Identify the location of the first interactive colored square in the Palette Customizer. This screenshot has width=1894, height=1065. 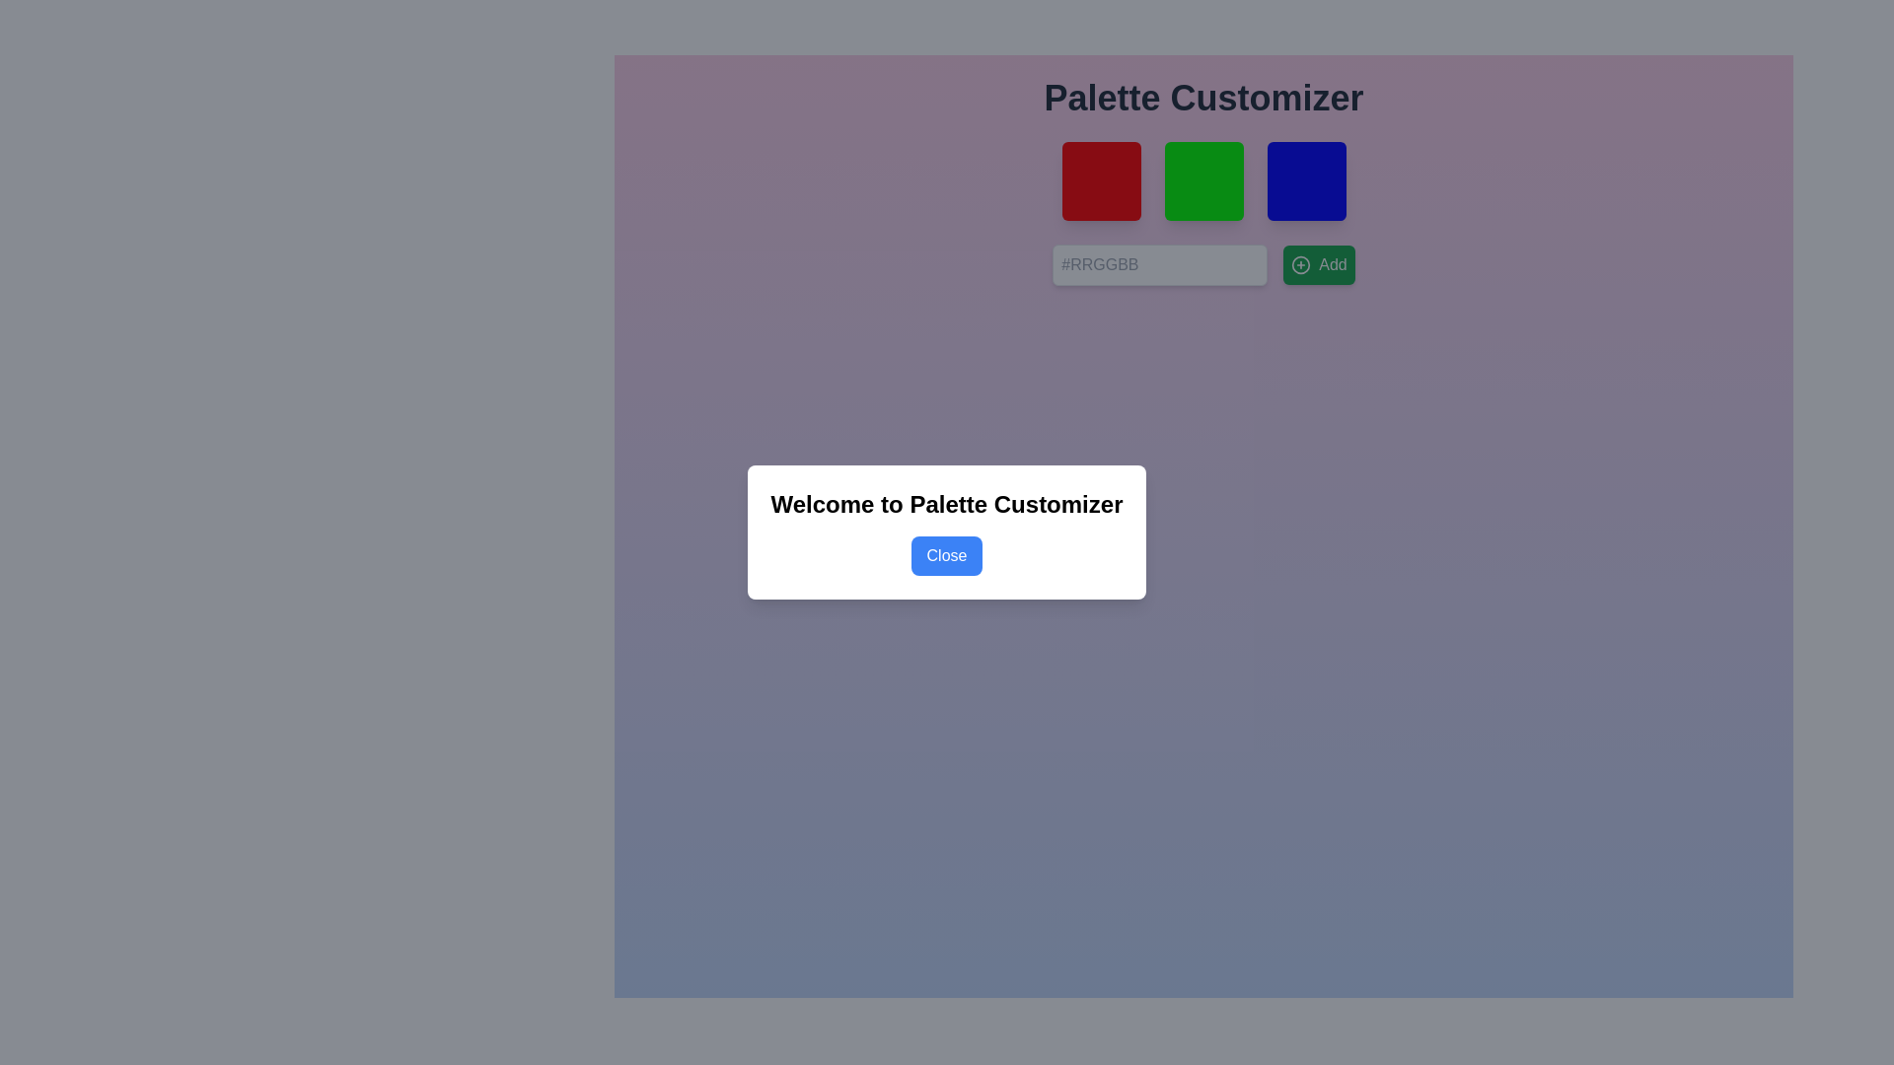
(1100, 181).